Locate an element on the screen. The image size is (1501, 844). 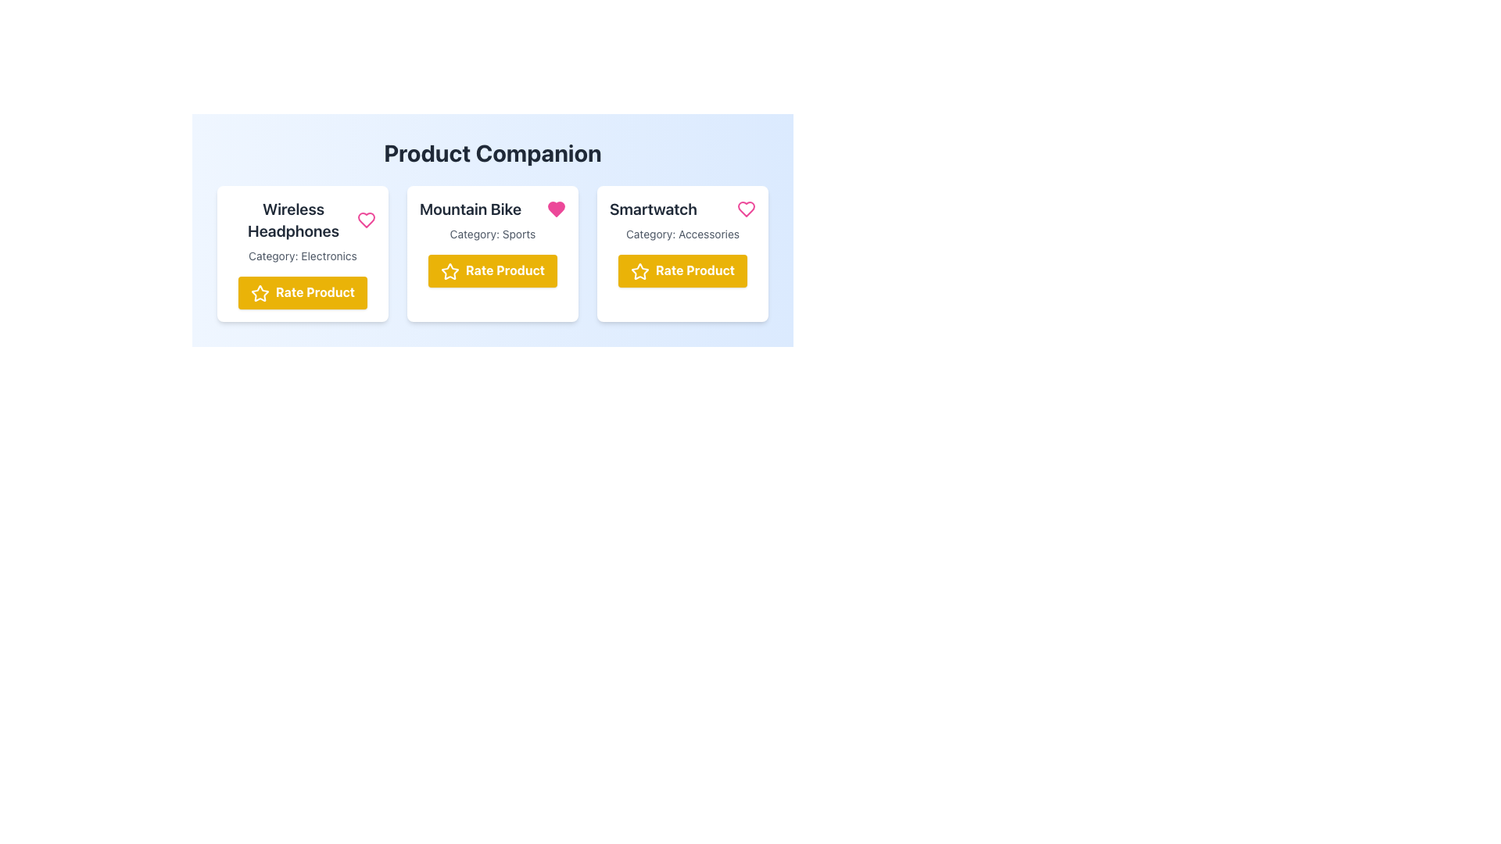
the button to rate the product 'Mountain Bike', which is located in the second column under the title 'Mountain Bike' is located at coordinates (492, 270).